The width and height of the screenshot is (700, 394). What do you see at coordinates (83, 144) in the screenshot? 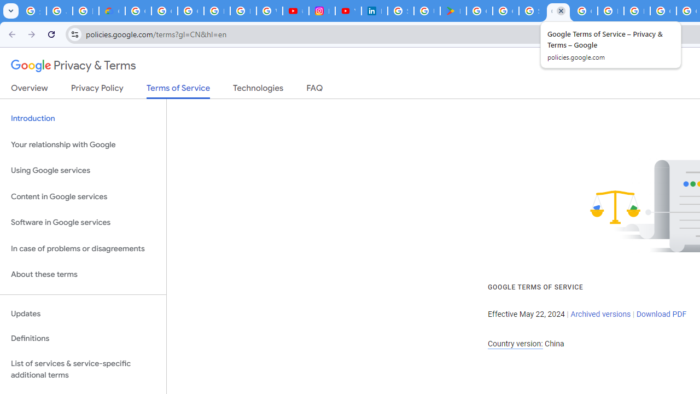
I see `'Your relationship with Google'` at bounding box center [83, 144].